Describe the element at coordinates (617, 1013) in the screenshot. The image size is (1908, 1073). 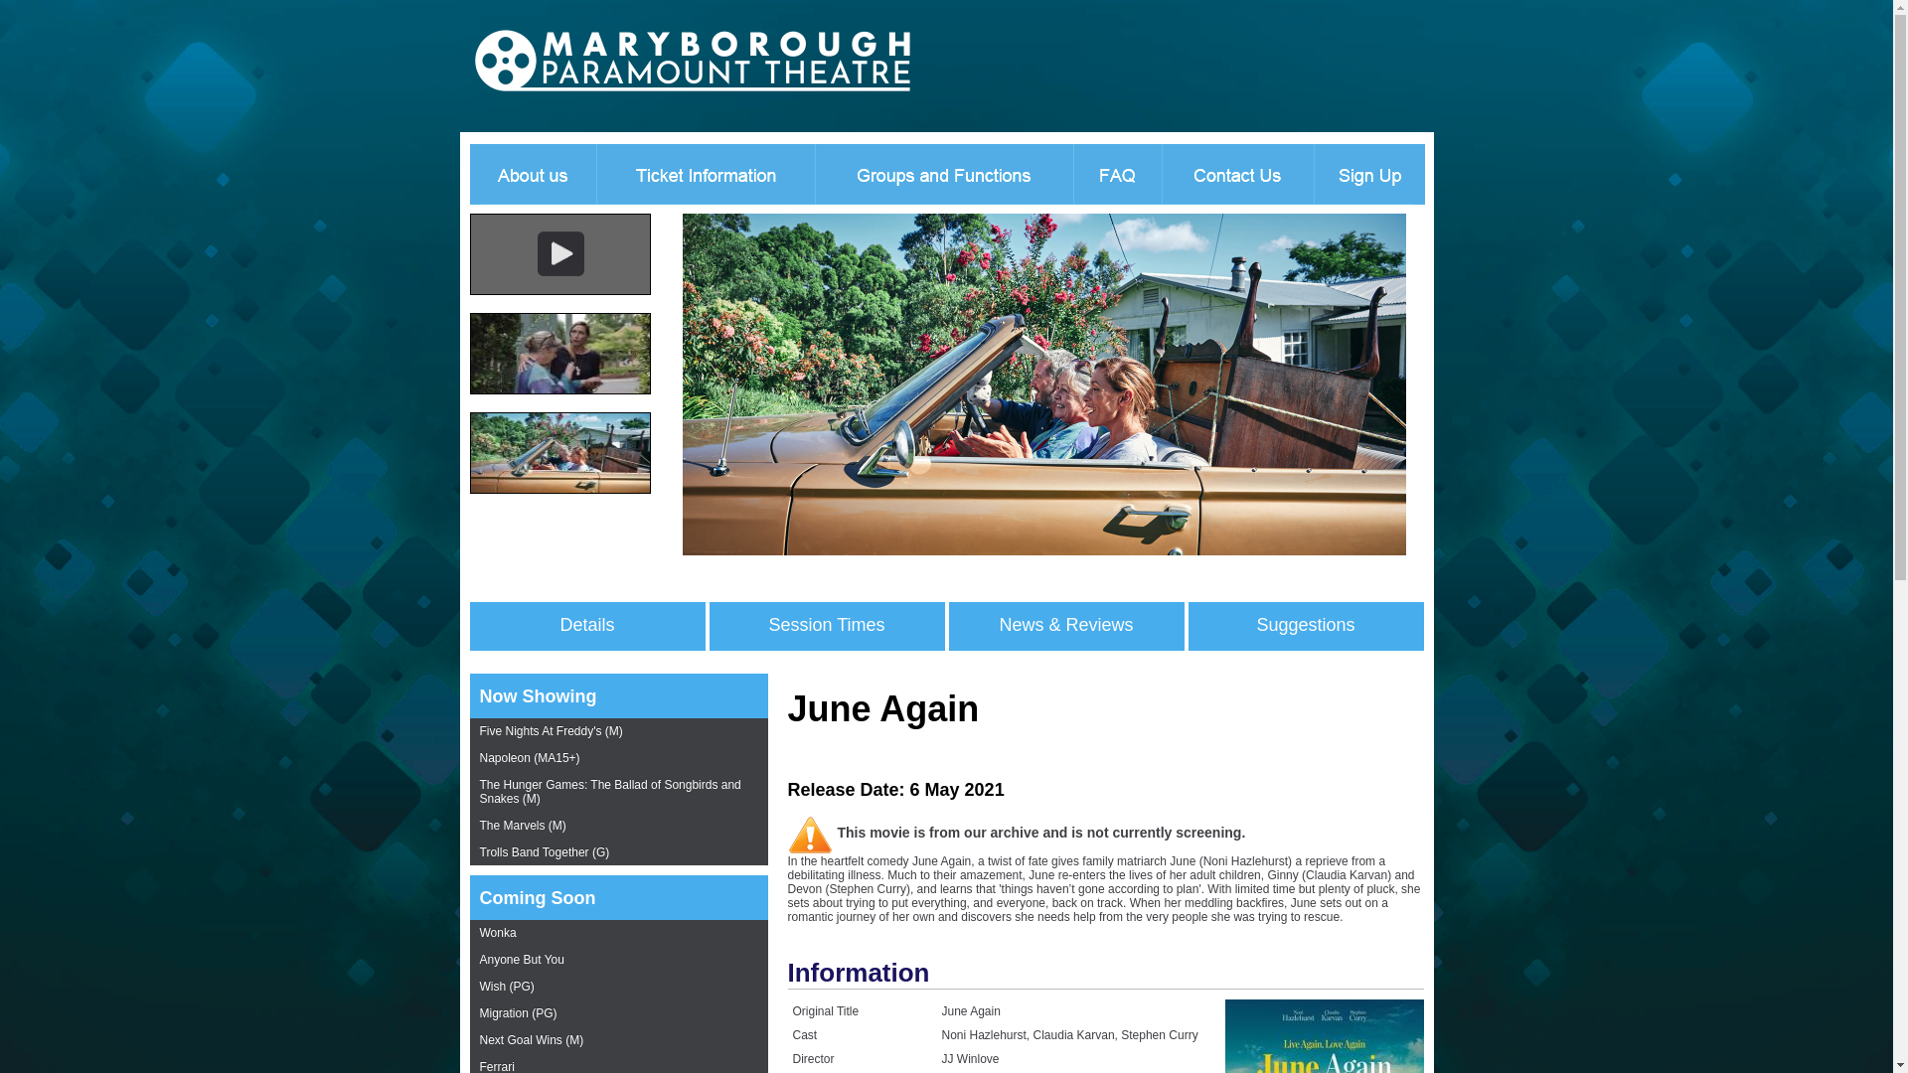
I see `'Migration (PG)'` at that location.